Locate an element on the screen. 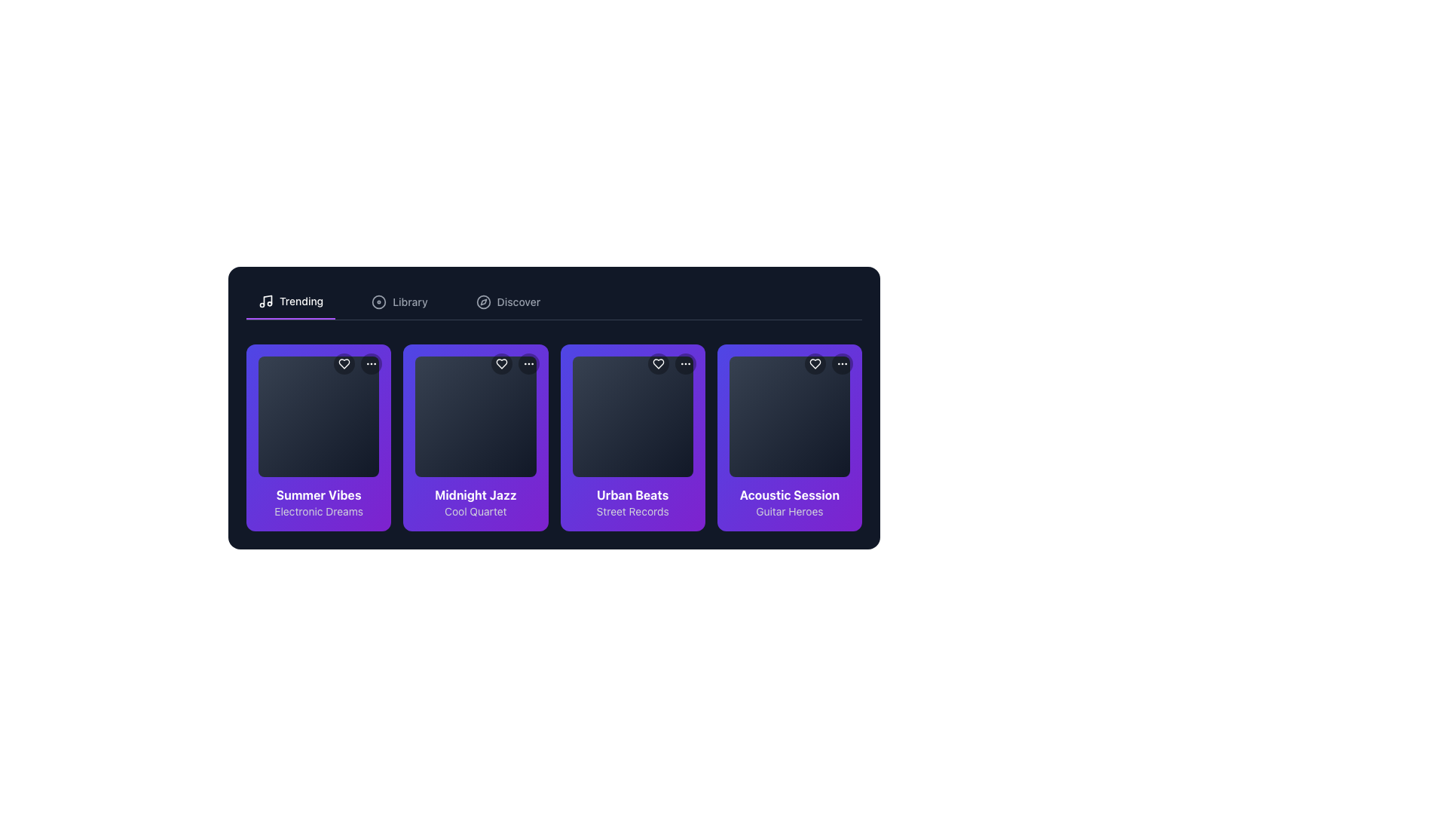 The height and width of the screenshot is (814, 1447). the heart icon is located at coordinates (343, 363).